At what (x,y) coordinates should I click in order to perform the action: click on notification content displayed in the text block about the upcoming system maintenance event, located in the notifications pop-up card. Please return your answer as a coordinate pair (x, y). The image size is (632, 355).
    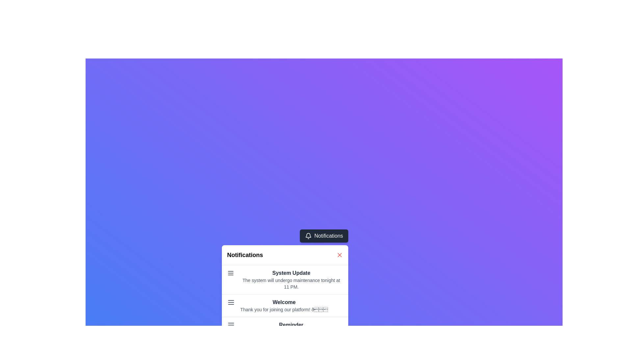
    Looking at the image, I should click on (291, 280).